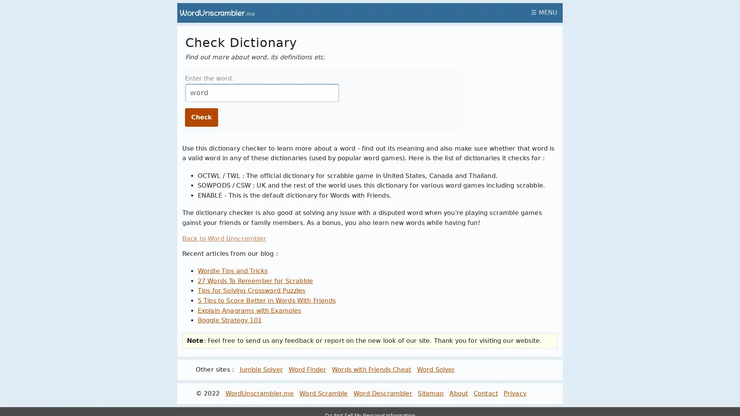 The image size is (740, 416). What do you see at coordinates (202, 117) in the screenshot?
I see `Check` at bounding box center [202, 117].